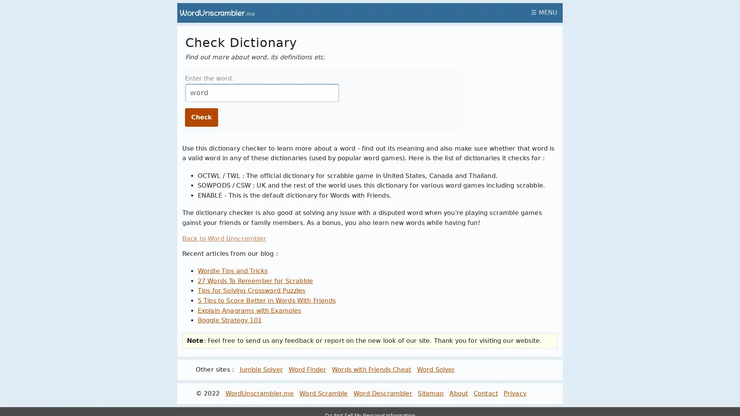 The image size is (740, 416). What do you see at coordinates (202, 117) in the screenshot?
I see `Check` at bounding box center [202, 117].